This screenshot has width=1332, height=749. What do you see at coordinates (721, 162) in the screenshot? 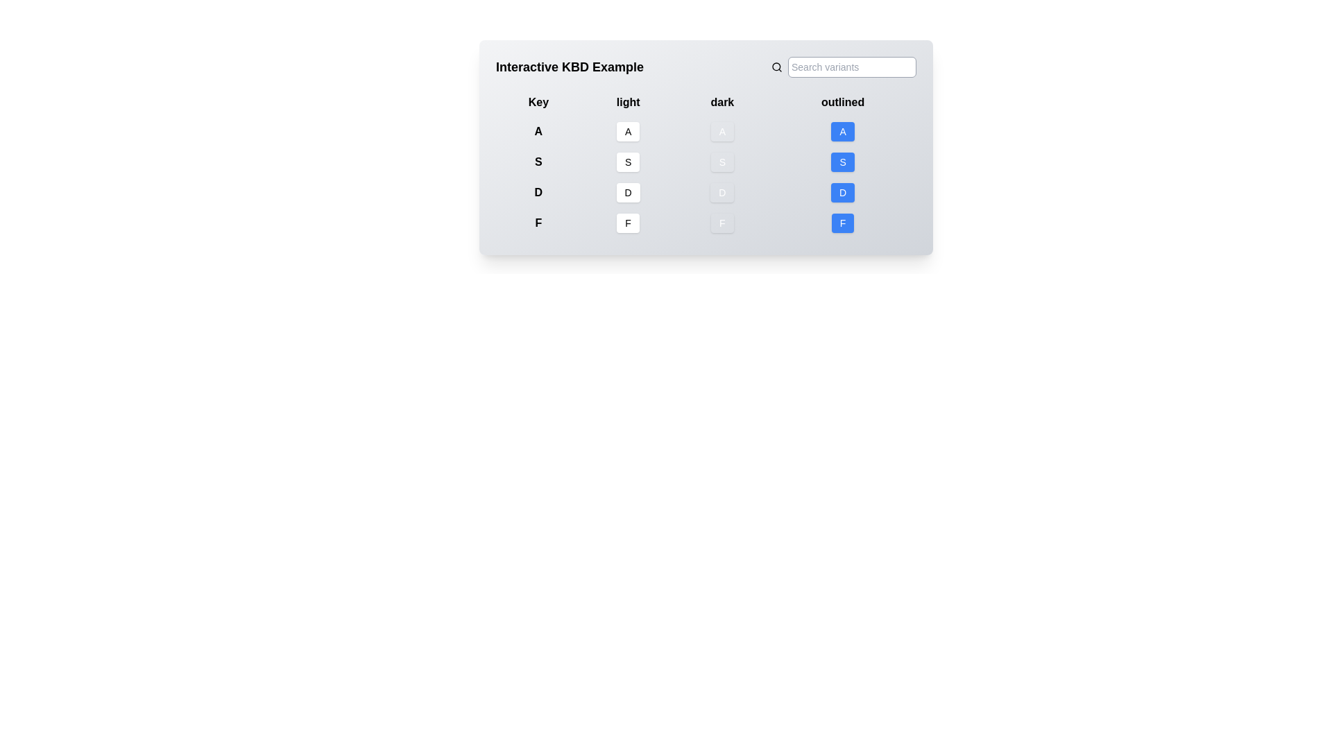
I see `the 'S' button in the dark column of the 'Interactive KBD Example' interface, which represents the 'S' key in a keyboard simulation` at bounding box center [721, 162].